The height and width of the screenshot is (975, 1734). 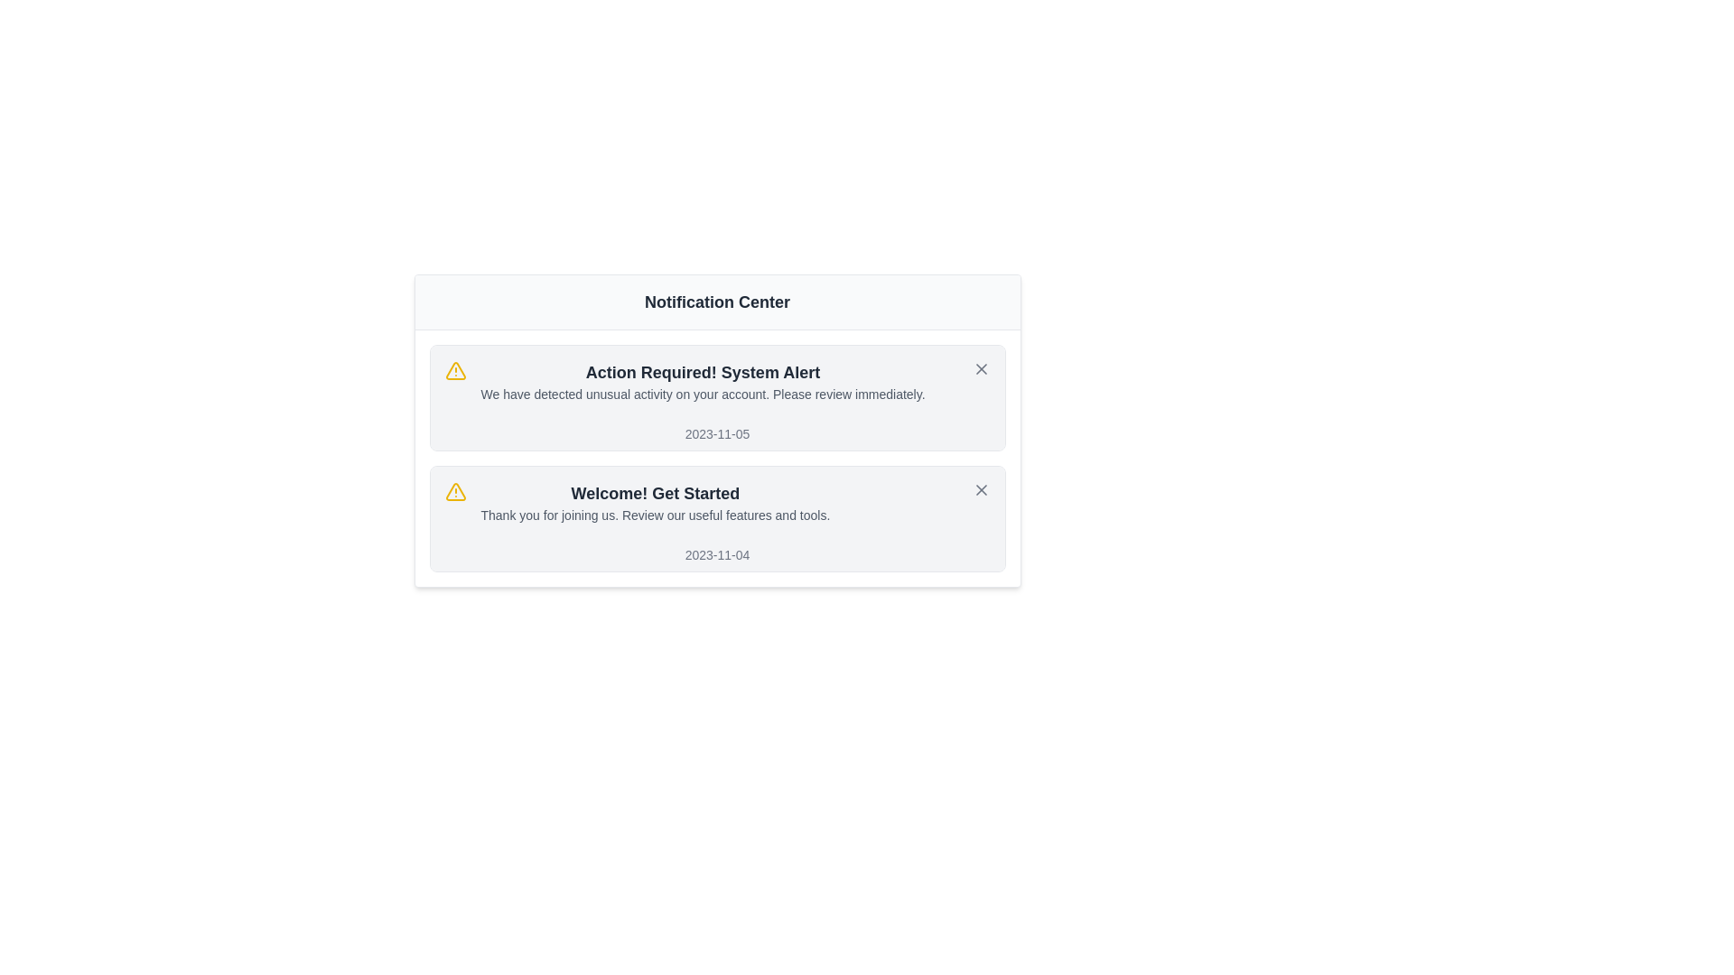 What do you see at coordinates (654, 502) in the screenshot?
I see `the text element featuring the title 'Welcome! Get Started' and subtitle 'Thank you for joining us.' located in the second notification box of the 'Notification Center' panel` at bounding box center [654, 502].